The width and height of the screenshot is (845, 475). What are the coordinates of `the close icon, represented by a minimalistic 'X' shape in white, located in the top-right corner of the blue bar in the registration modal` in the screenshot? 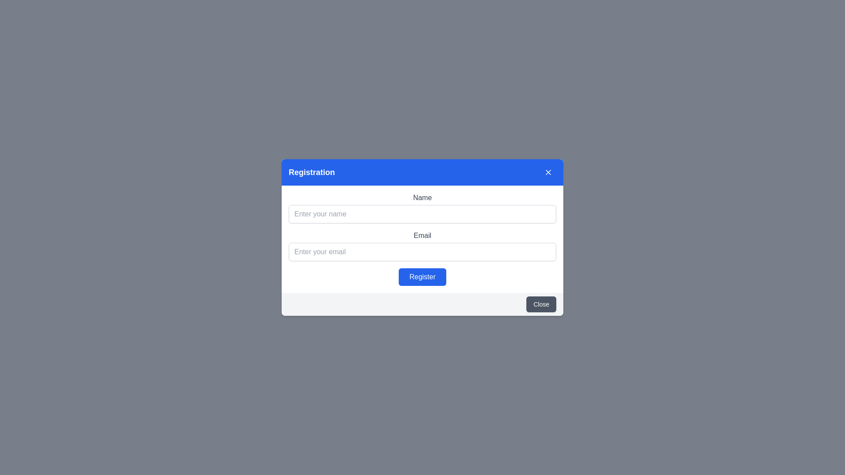 It's located at (547, 172).